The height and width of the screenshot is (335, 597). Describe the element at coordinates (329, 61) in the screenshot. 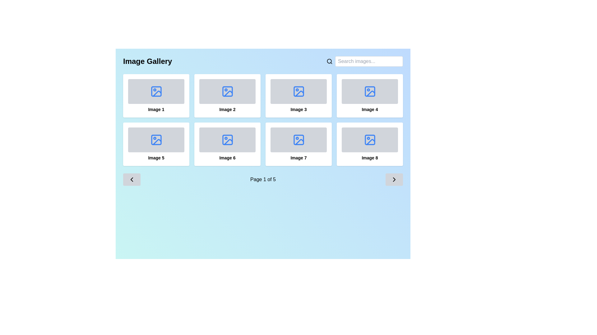

I see `the search icon located on the right side of the header area, preceding the 'Search images...' text input box` at that location.